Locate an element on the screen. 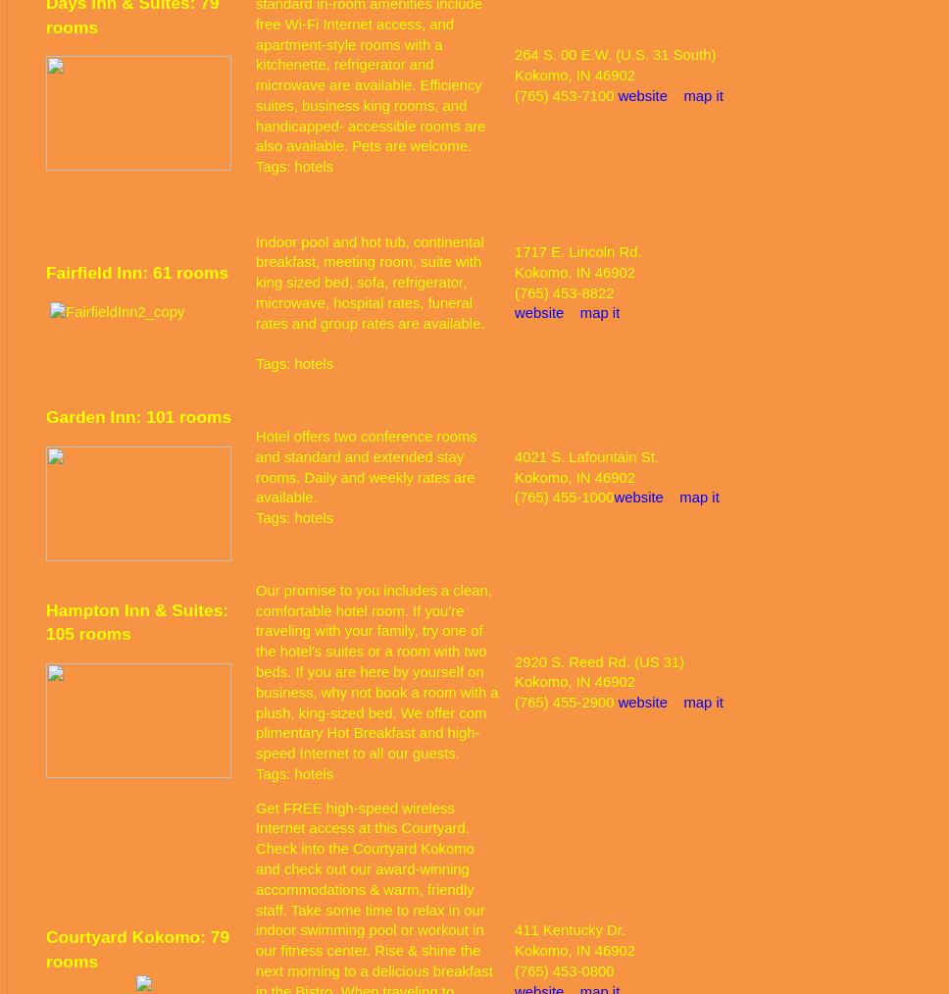 This screenshot has height=994, width=949. 'Our promise to you includes a clean, comfortable hotel room. If you're traveling with your family, try one of the hotel's suites or a room with two beds. If you are here by yourself on business, why not book a room with a plush, king-sized bed. We offer com plimentary Hot Breakfast and high- speed Internet to all our guests.' is located at coordinates (375, 670).